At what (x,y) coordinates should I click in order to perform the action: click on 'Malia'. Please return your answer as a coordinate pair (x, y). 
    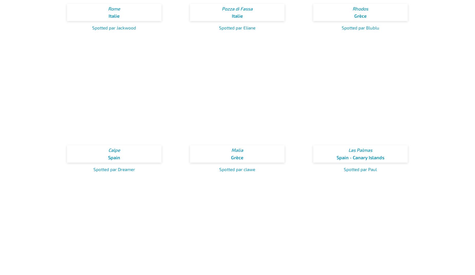
    Looking at the image, I should click on (237, 150).